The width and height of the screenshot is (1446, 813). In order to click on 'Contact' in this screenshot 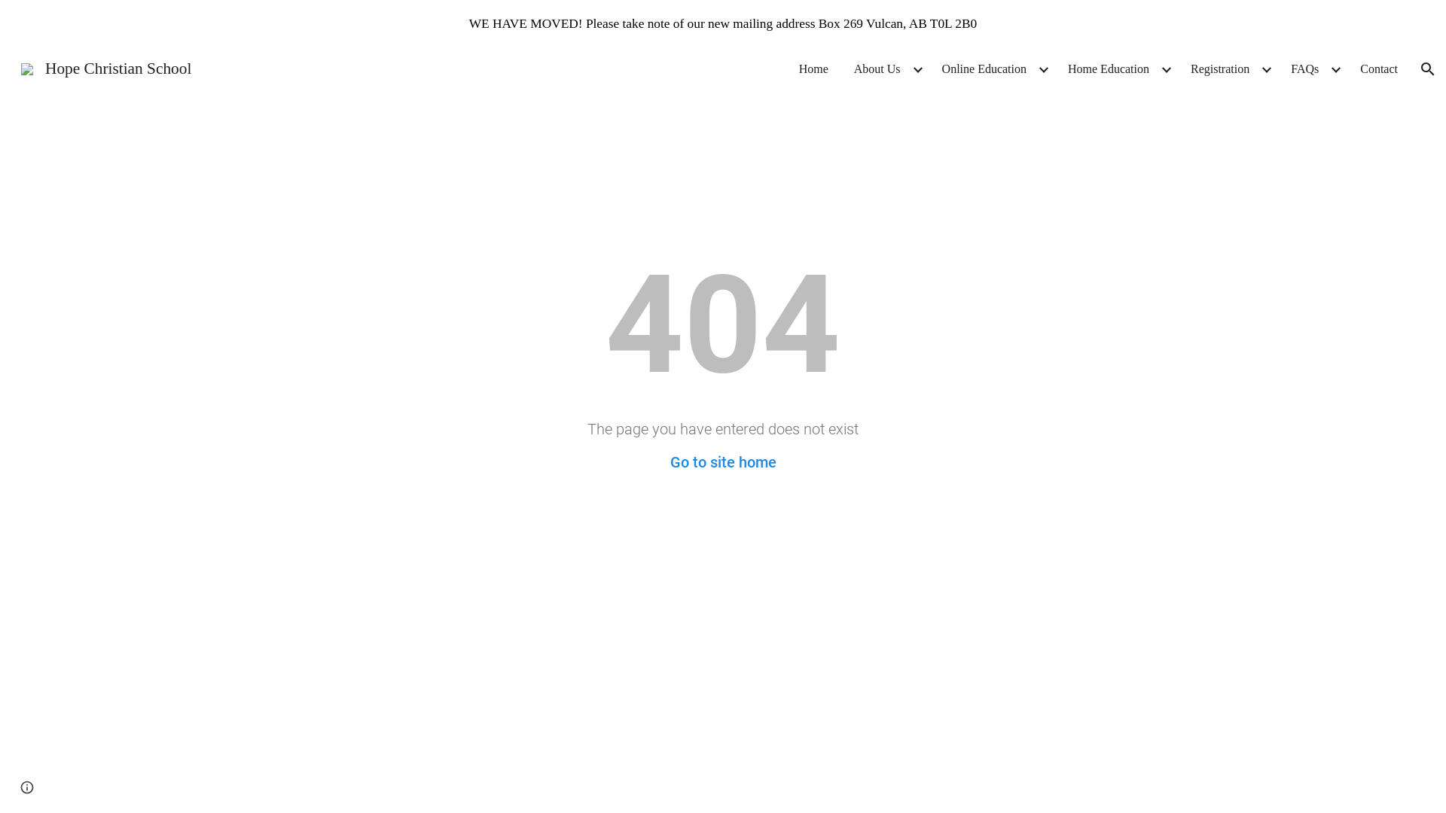, I will do `click(1378, 69)`.